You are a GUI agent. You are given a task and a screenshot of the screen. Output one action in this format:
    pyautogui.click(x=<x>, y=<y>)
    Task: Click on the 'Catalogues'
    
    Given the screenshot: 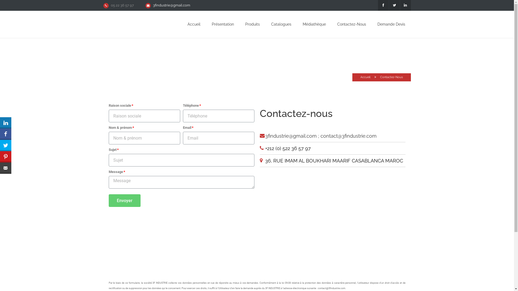 What is the action you would take?
    pyautogui.click(x=271, y=24)
    